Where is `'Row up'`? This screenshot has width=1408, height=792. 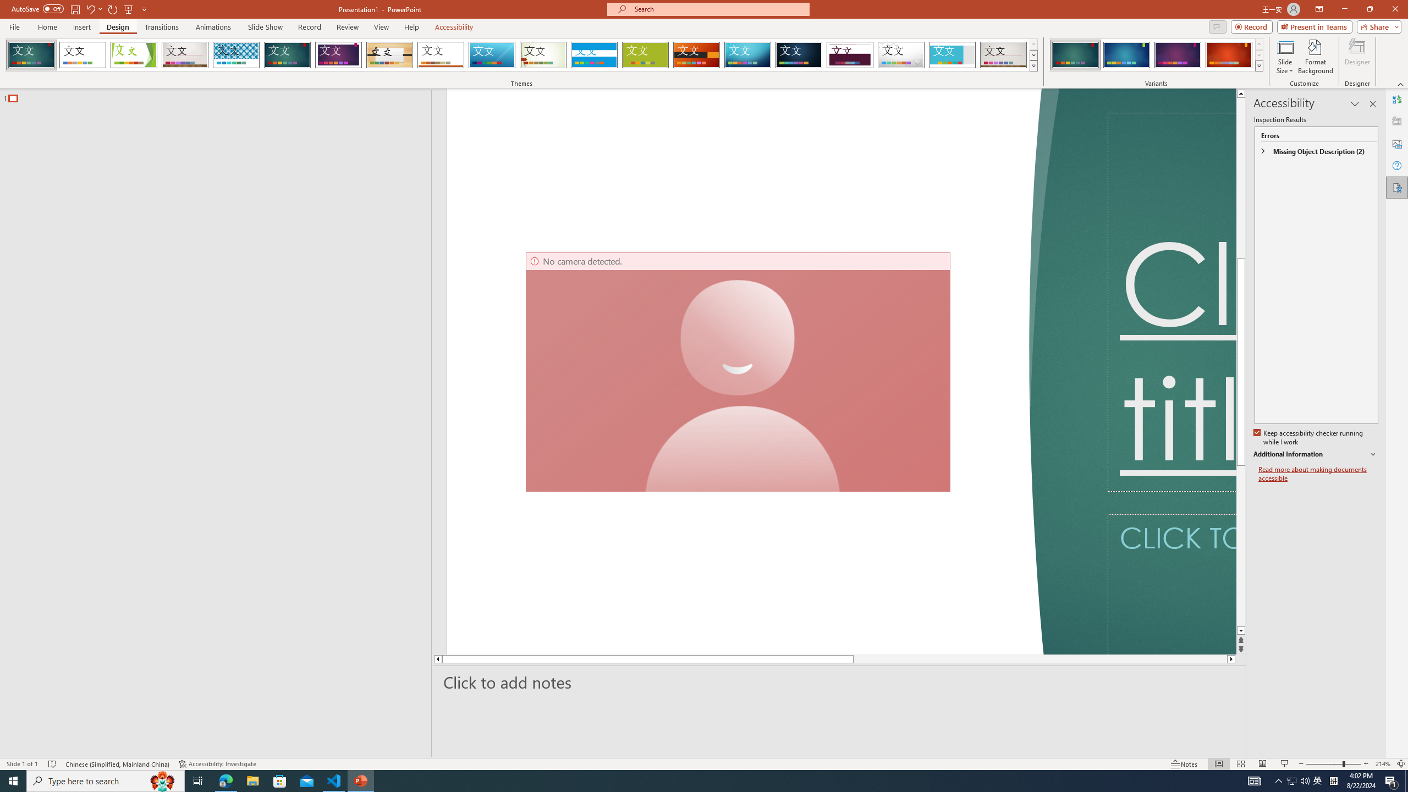 'Row up' is located at coordinates (1258, 44).